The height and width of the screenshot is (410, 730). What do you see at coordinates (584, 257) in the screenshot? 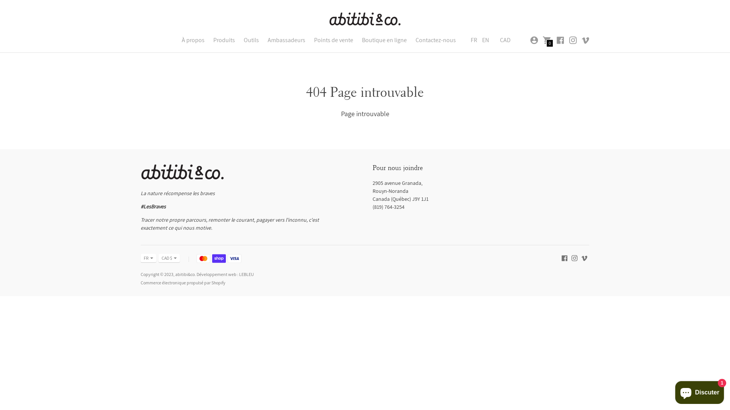
I see `'abitibi&co sur Vimeo,'` at bounding box center [584, 257].